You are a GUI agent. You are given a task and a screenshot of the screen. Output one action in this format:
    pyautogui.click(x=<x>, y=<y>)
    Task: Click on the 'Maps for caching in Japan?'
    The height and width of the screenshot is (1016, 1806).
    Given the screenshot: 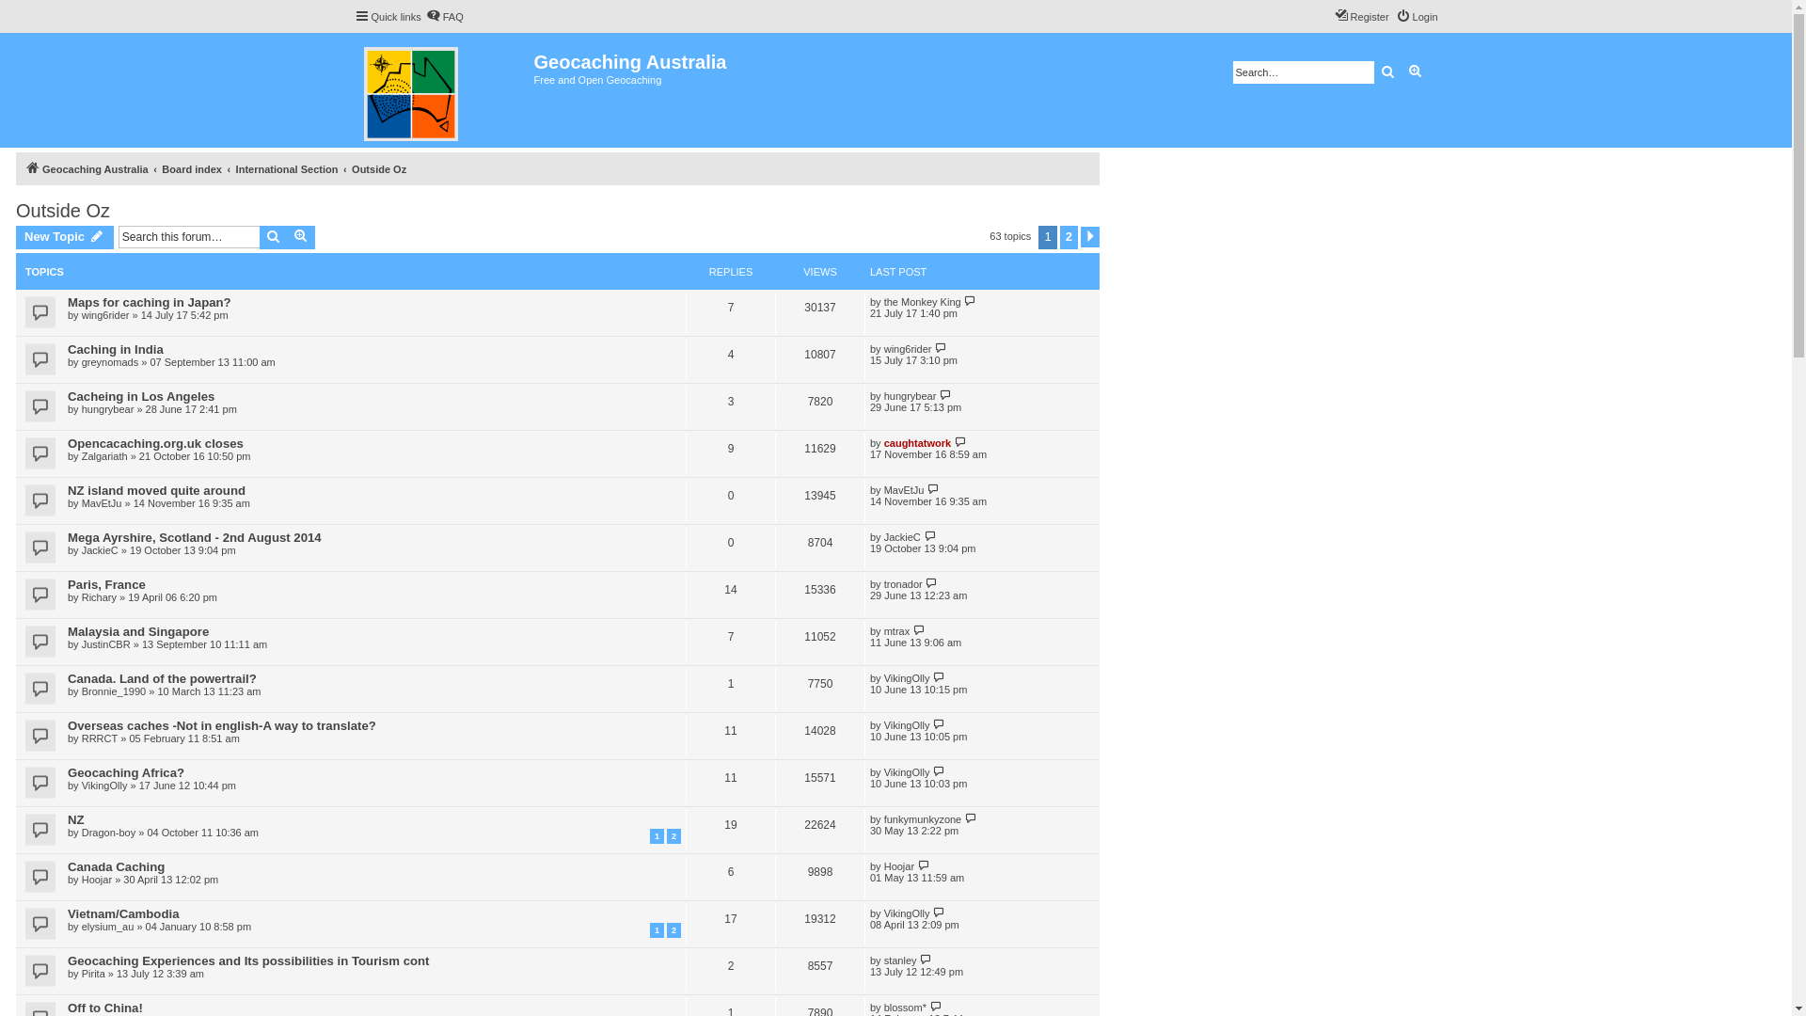 What is the action you would take?
    pyautogui.click(x=148, y=301)
    